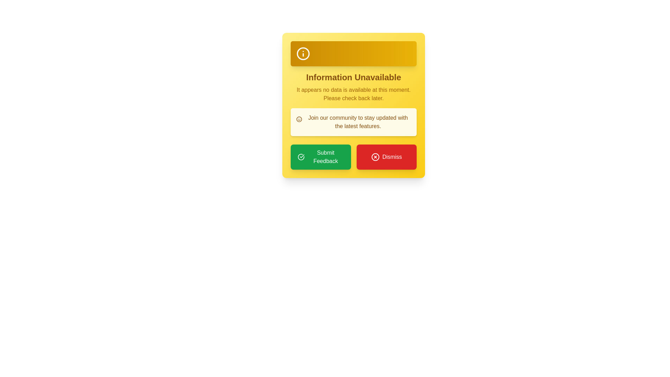 This screenshot has height=377, width=670. Describe the element at coordinates (303, 53) in the screenshot. I see `the graphic icon component representing a circle located in the yellow notification box at the top-left corner, which indicates notifications` at that location.